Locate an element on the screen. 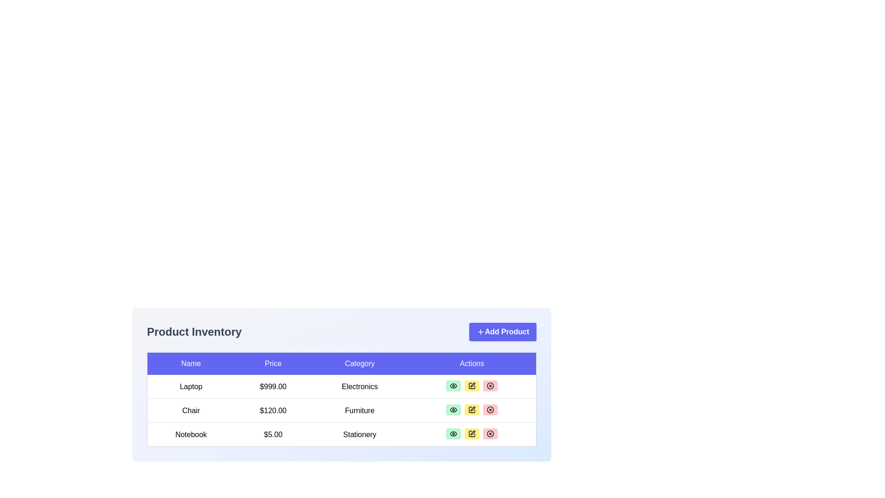 The image size is (885, 498). the icon that represents the action of adding a new product, located to the left of the 'Add Product' button text in the top-right of the user interface is located at coordinates (480, 332).